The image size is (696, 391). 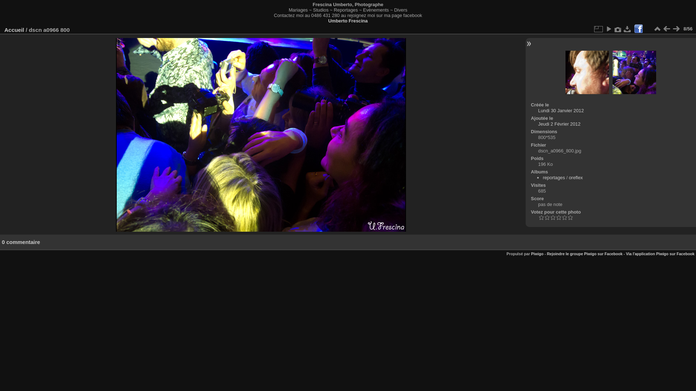 What do you see at coordinates (676, 29) in the screenshot?
I see `'Suivante : dscn a0967 800'` at bounding box center [676, 29].